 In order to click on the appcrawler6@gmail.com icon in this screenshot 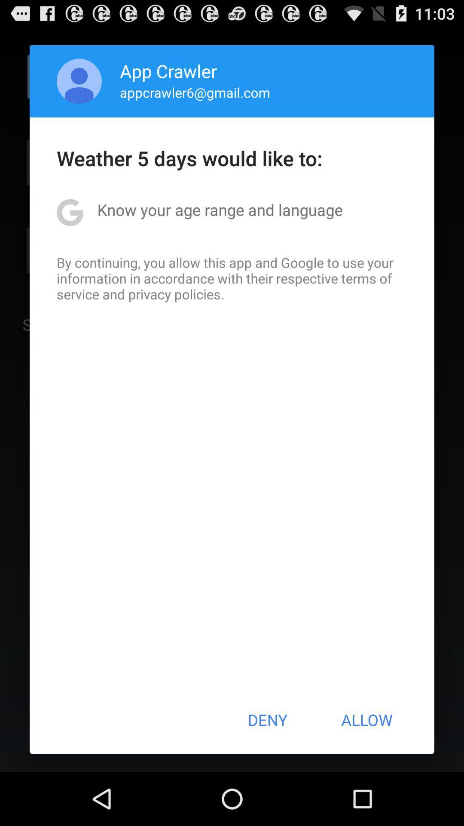, I will do `click(195, 92)`.